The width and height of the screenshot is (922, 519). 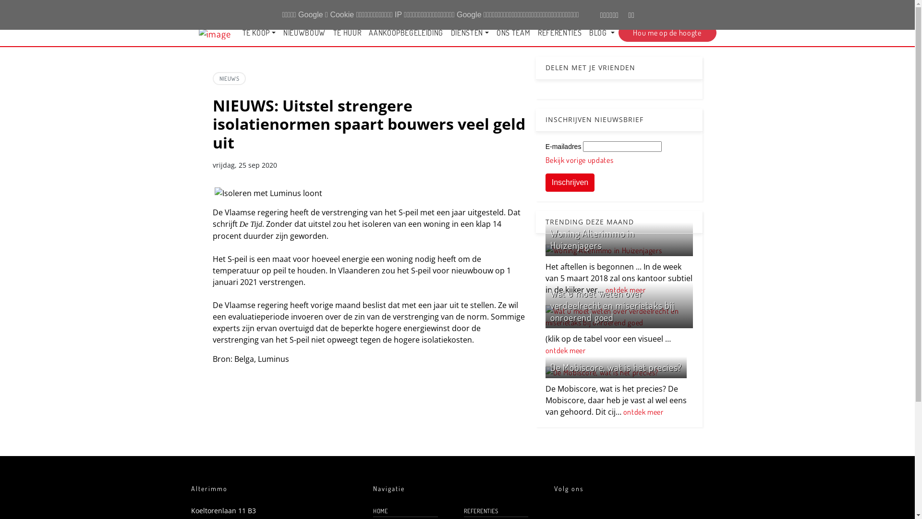 What do you see at coordinates (693, 9) in the screenshot?
I see `' '` at bounding box center [693, 9].